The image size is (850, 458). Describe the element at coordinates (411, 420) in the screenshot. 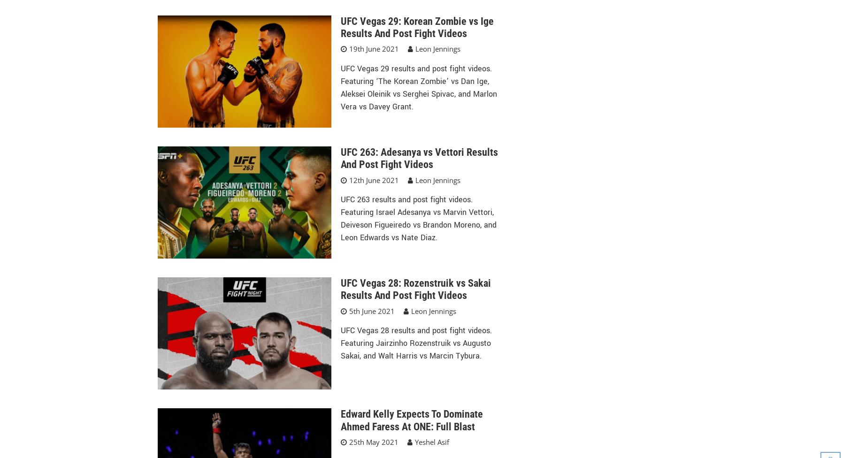

I see `'Edward Kelly Expects To Dominate Ahmed Faress At ONE: Full Blast'` at that location.